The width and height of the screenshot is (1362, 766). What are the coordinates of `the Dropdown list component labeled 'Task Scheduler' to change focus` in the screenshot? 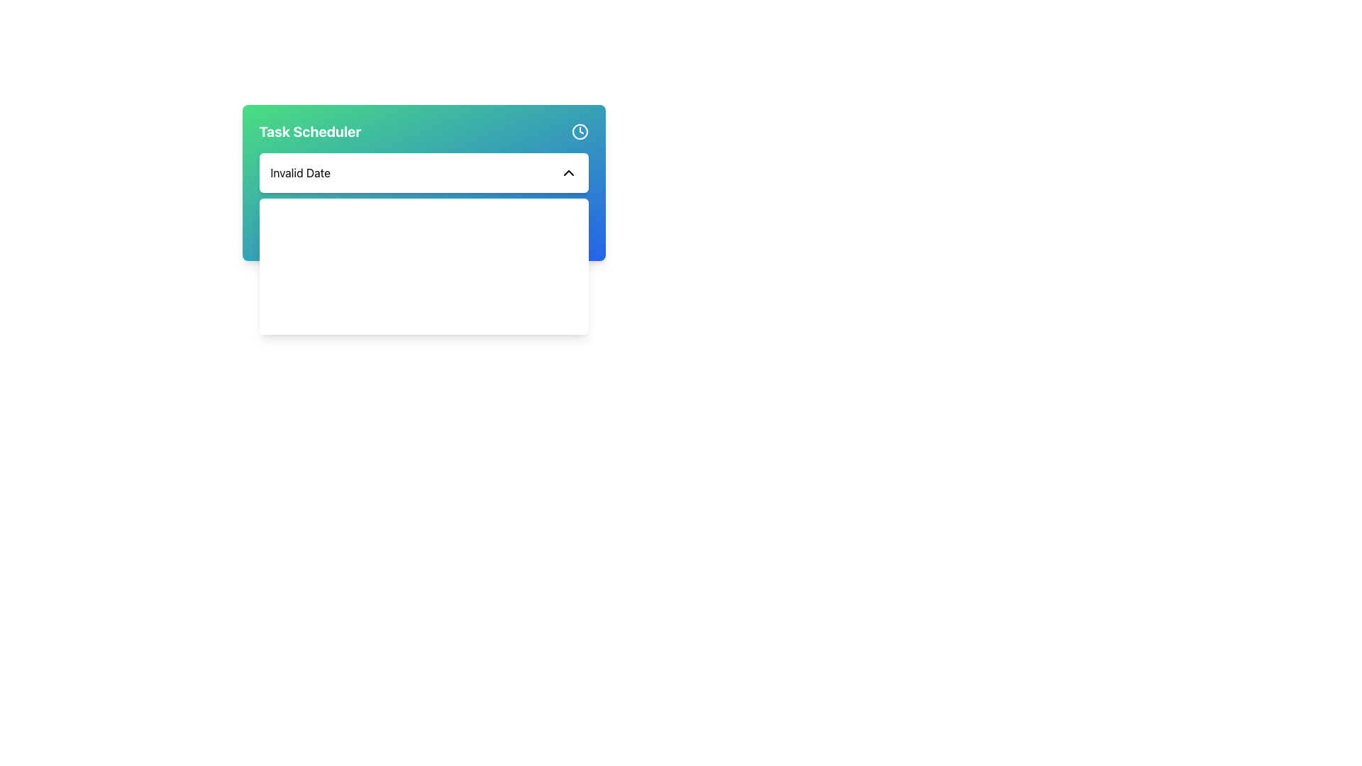 It's located at (423, 182).